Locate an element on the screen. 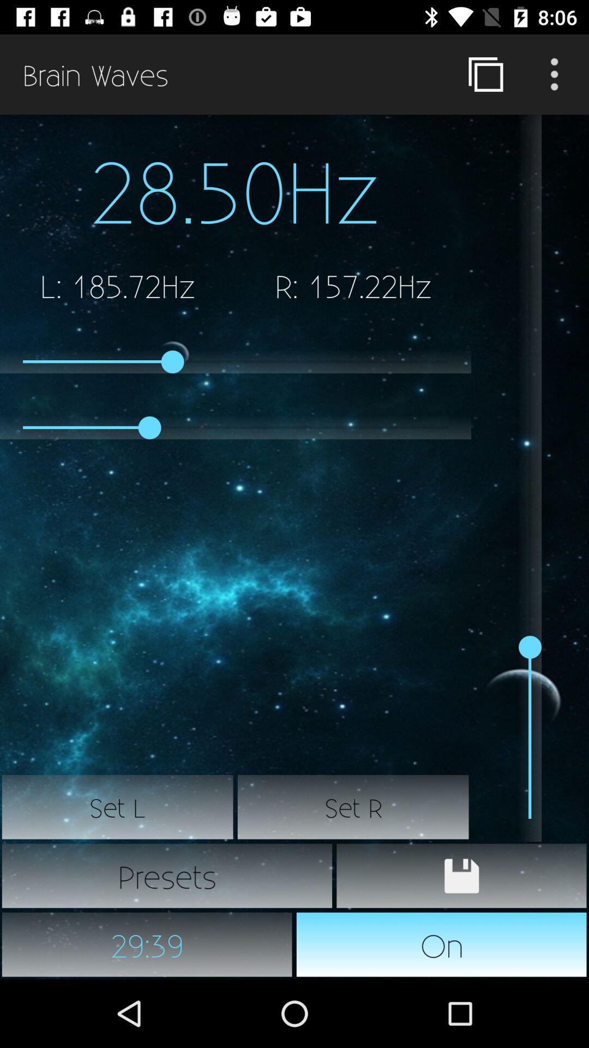 This screenshot has height=1048, width=589. the icon next to 29:39 is located at coordinates (442, 944).